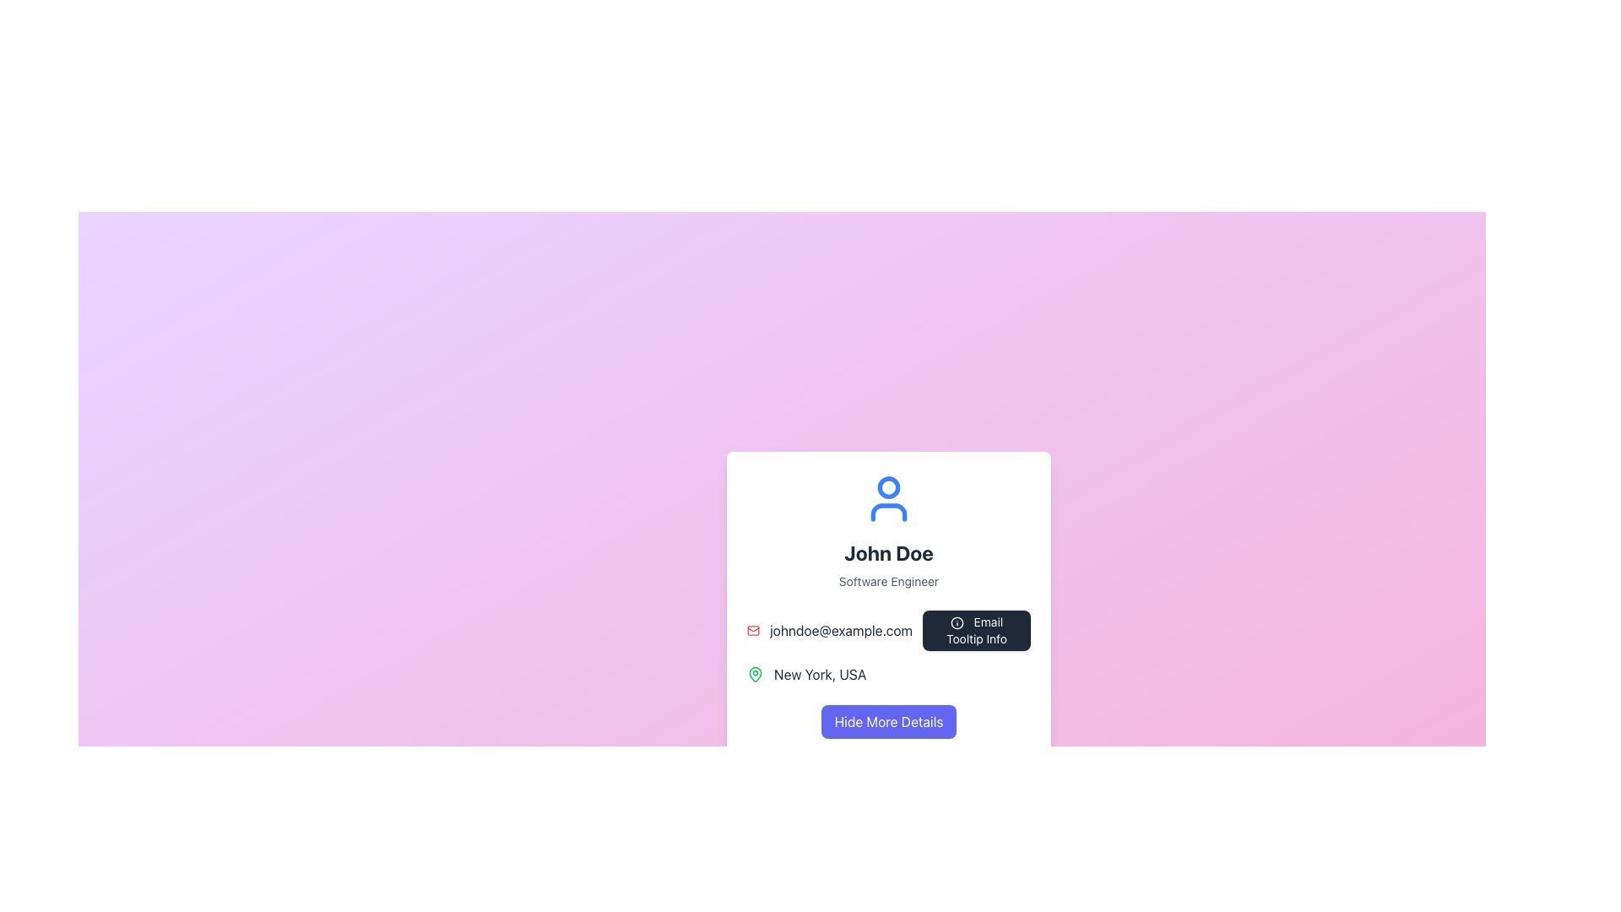 The image size is (1621, 912). I want to click on the button with a purple background and white text that reads 'Hide More Details', located below 'New York, USA' in John Doe's profile card, so click(887, 722).